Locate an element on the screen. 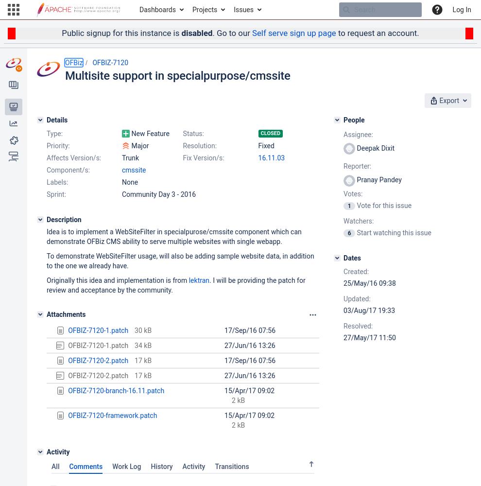 This screenshot has height=486, width=481. 'Resolved:' is located at coordinates (357, 326).